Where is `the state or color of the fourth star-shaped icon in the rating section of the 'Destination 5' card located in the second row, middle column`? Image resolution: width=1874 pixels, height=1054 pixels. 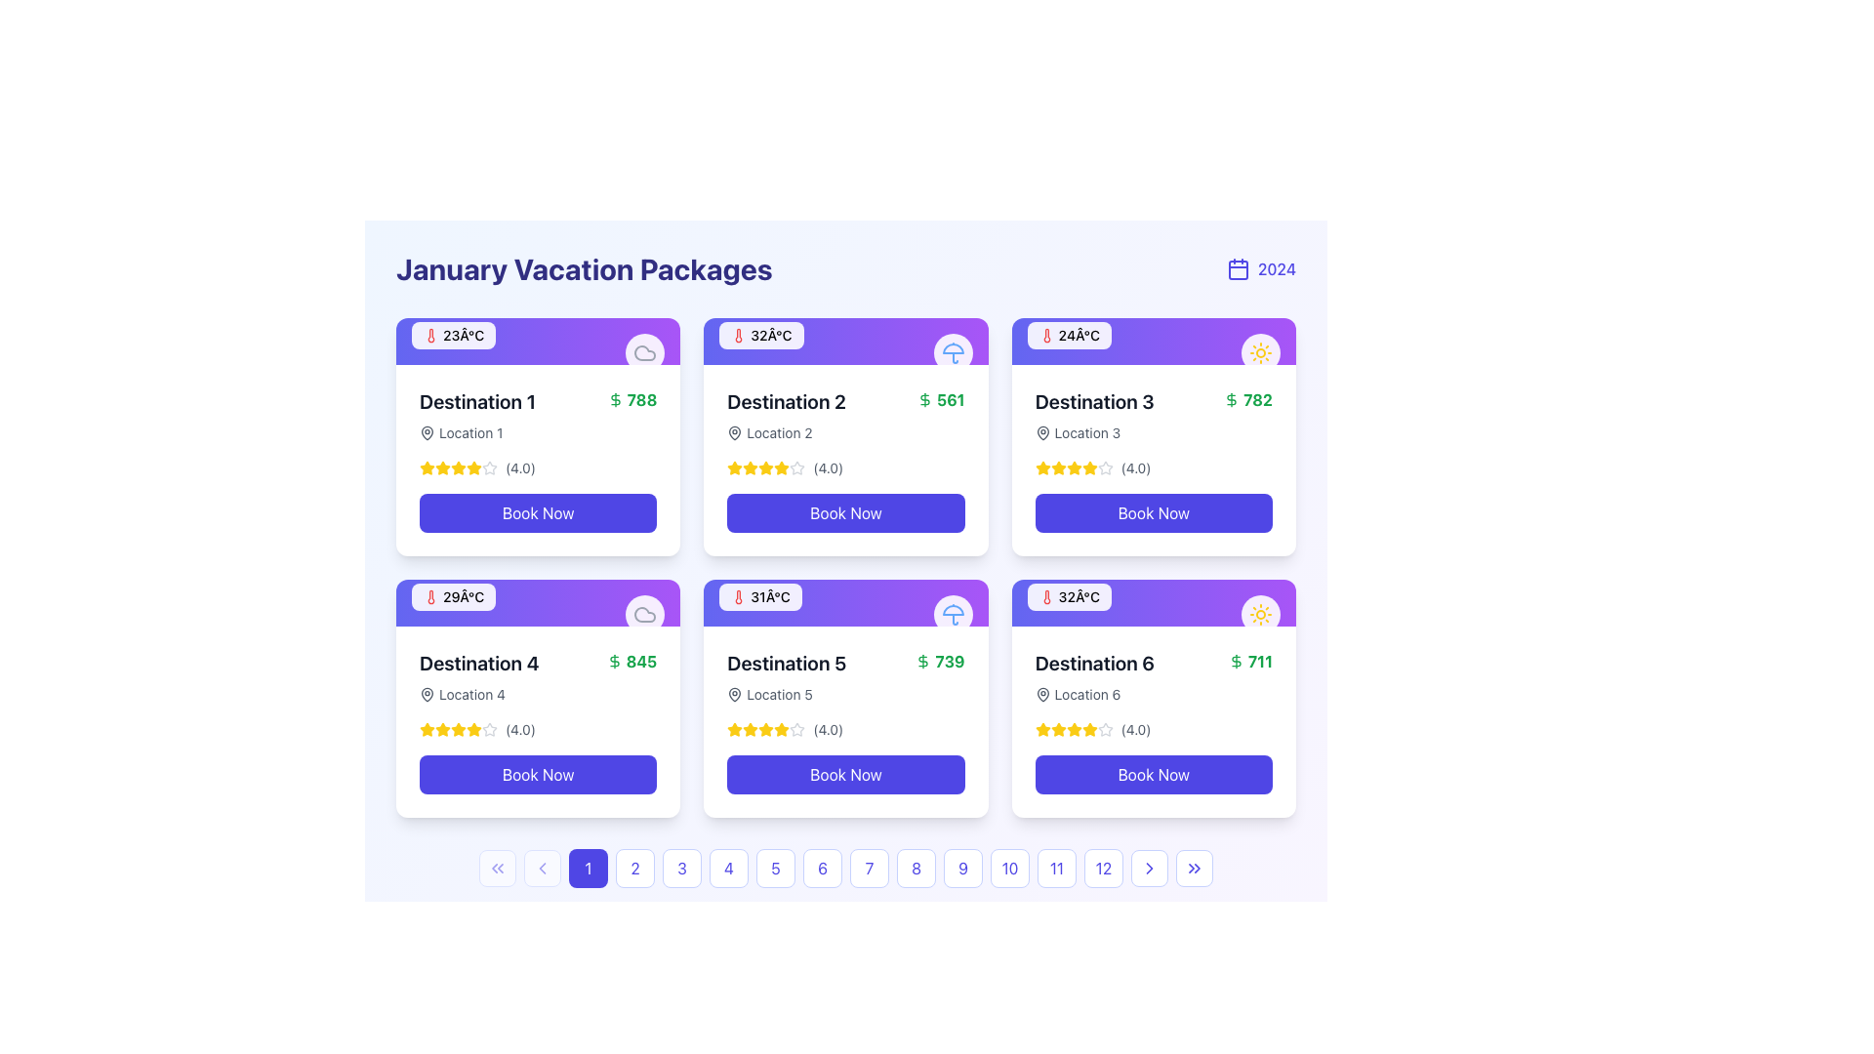 the state or color of the fourth star-shaped icon in the rating section of the 'Destination 5' card located in the second row, middle column is located at coordinates (765, 730).